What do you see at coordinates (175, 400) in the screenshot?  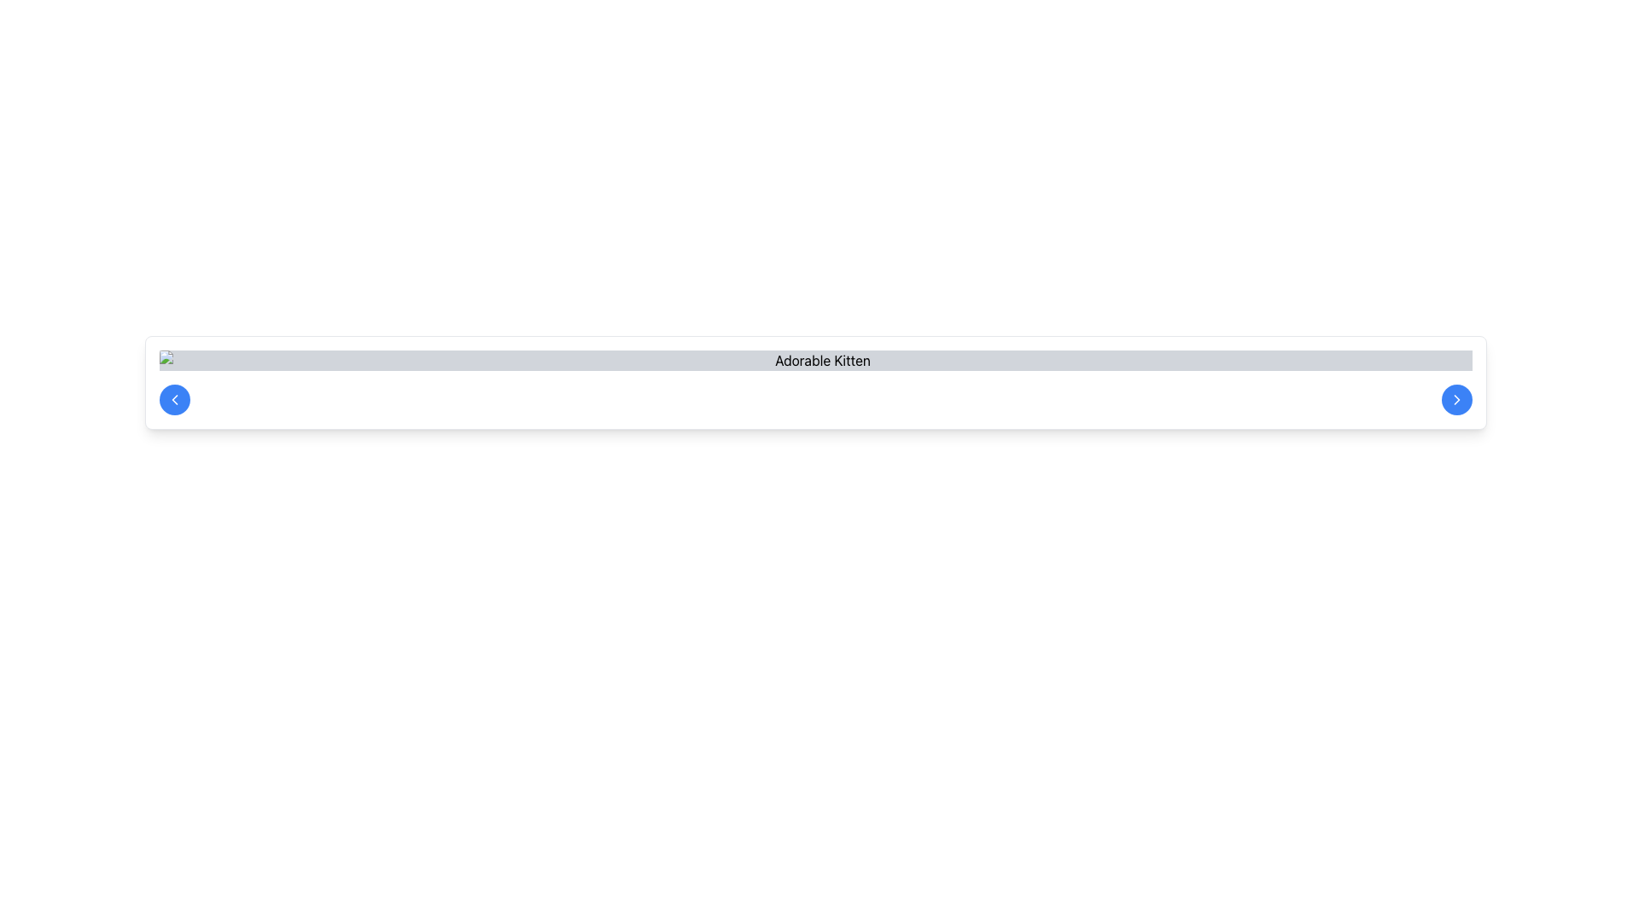 I see `the left-pointing chevron icon embedded in the blue rounded button` at bounding box center [175, 400].